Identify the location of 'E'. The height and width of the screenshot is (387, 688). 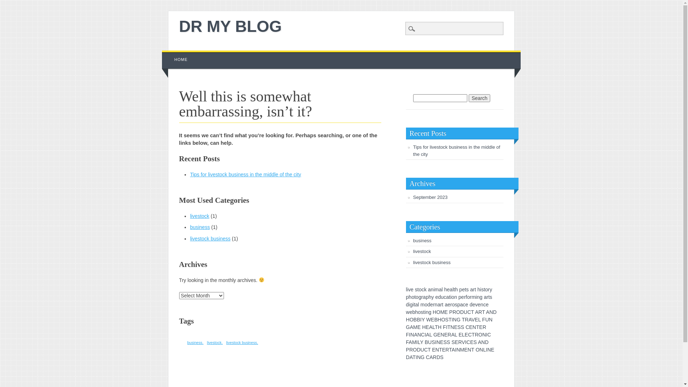
(472, 342).